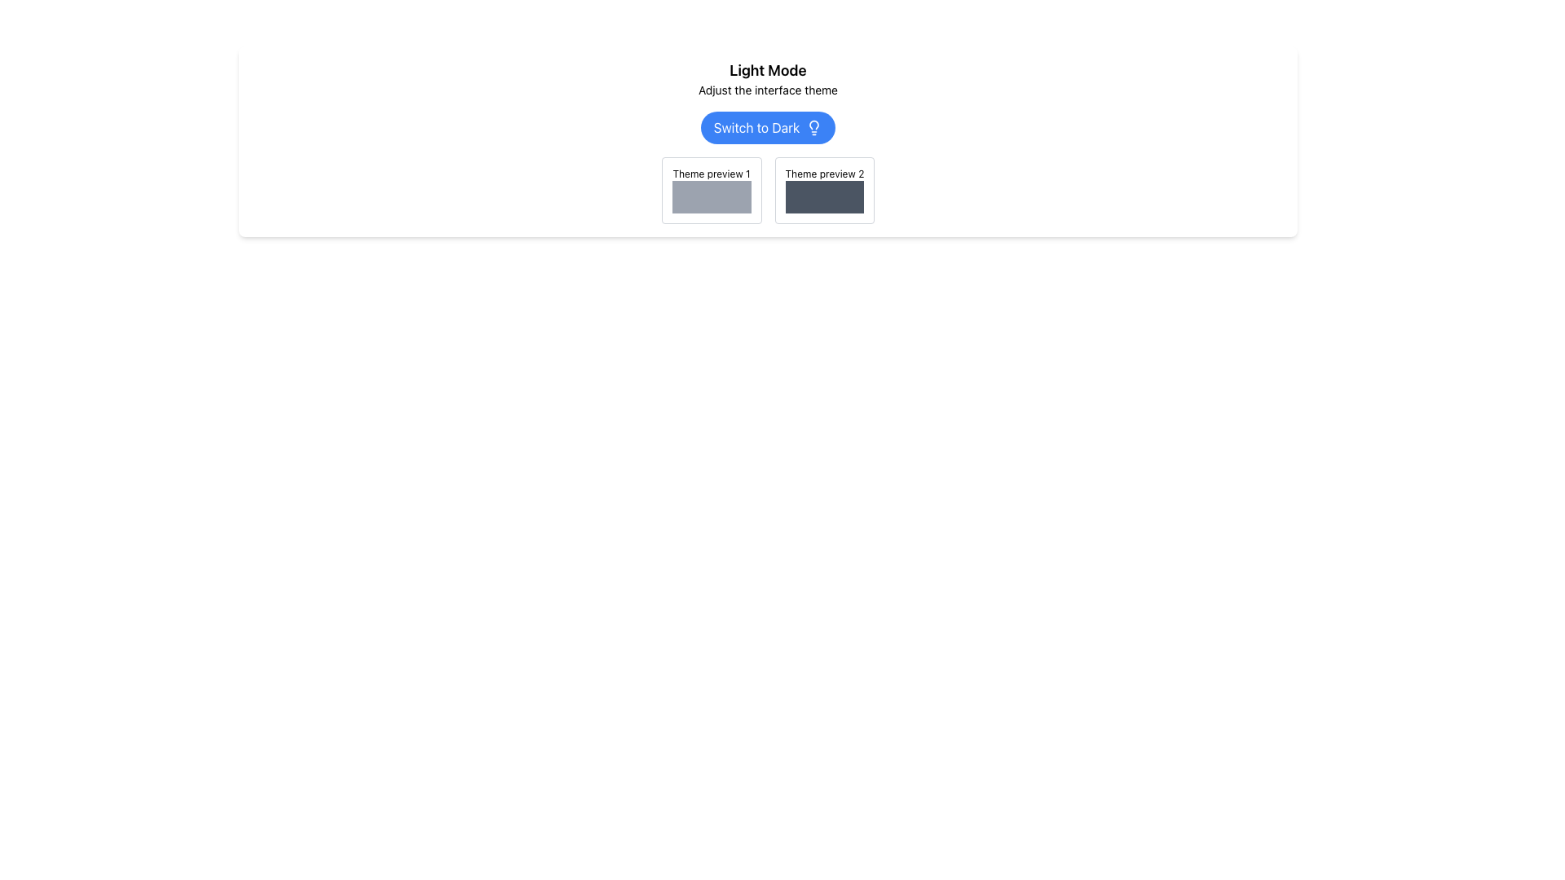  What do you see at coordinates (767, 78) in the screenshot?
I see `the informational header that describes the current interface theme mode, located above the 'Switch to Dark' button` at bounding box center [767, 78].